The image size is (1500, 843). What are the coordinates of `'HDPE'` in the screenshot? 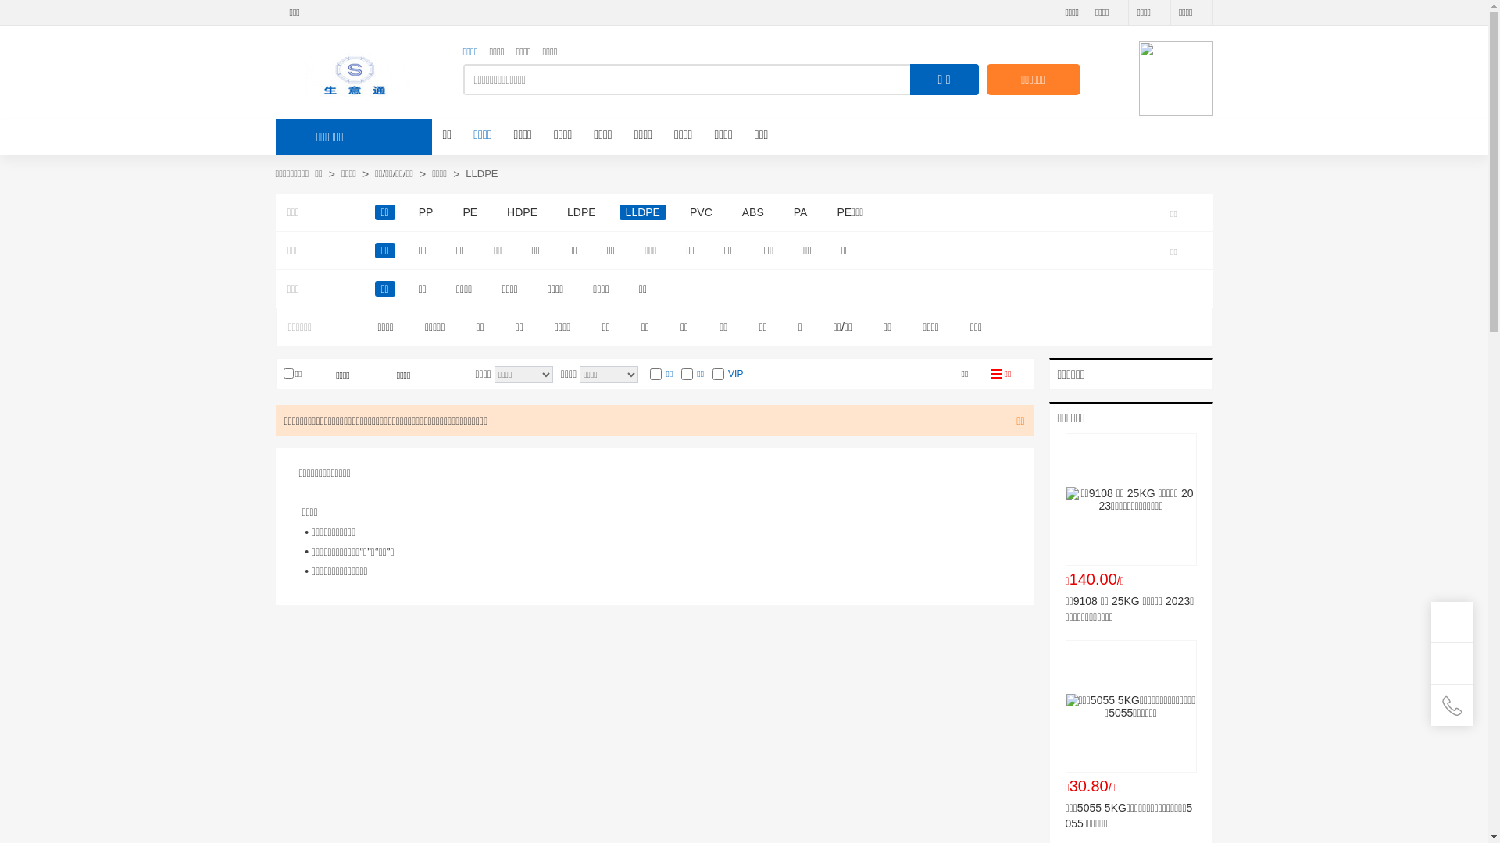 It's located at (522, 212).